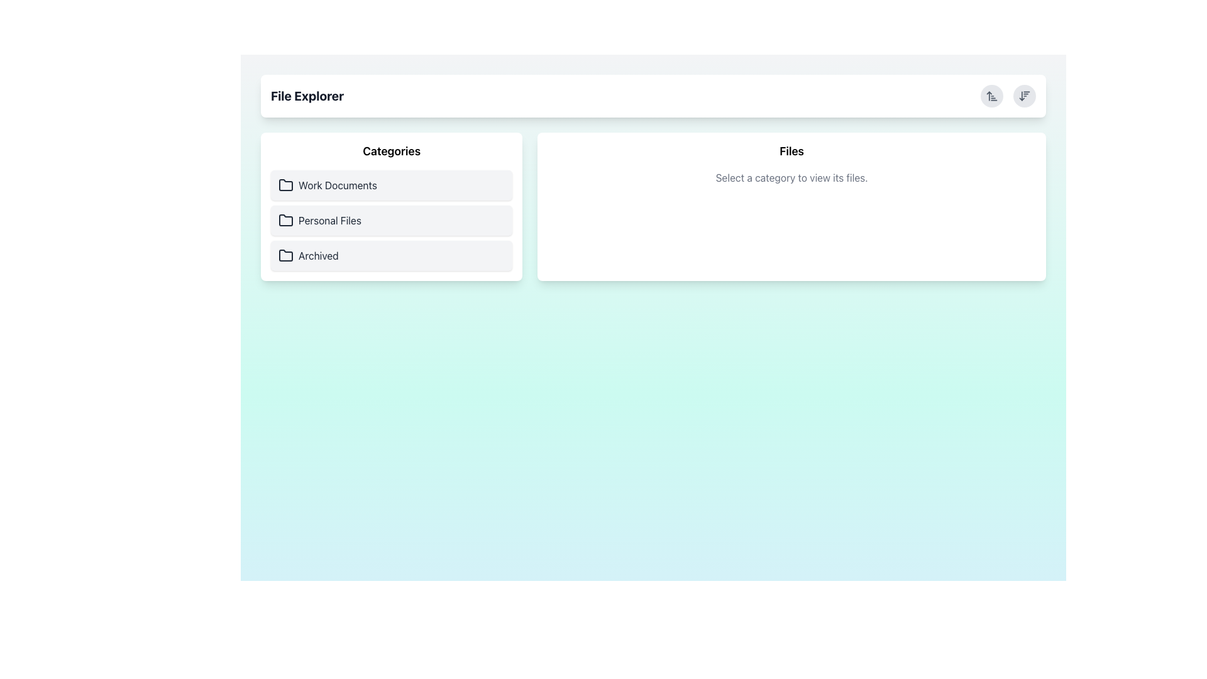  I want to click on the first clickable list item in the 'Categories' section, so click(391, 185).